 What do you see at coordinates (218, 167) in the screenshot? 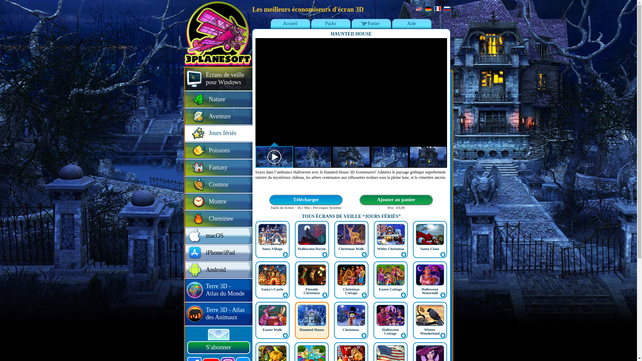
I see `'Fantasy'` at bounding box center [218, 167].